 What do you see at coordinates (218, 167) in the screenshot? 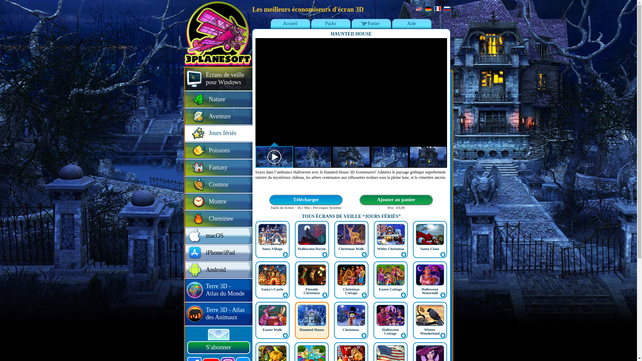
I see `'Fantasy'` at bounding box center [218, 167].